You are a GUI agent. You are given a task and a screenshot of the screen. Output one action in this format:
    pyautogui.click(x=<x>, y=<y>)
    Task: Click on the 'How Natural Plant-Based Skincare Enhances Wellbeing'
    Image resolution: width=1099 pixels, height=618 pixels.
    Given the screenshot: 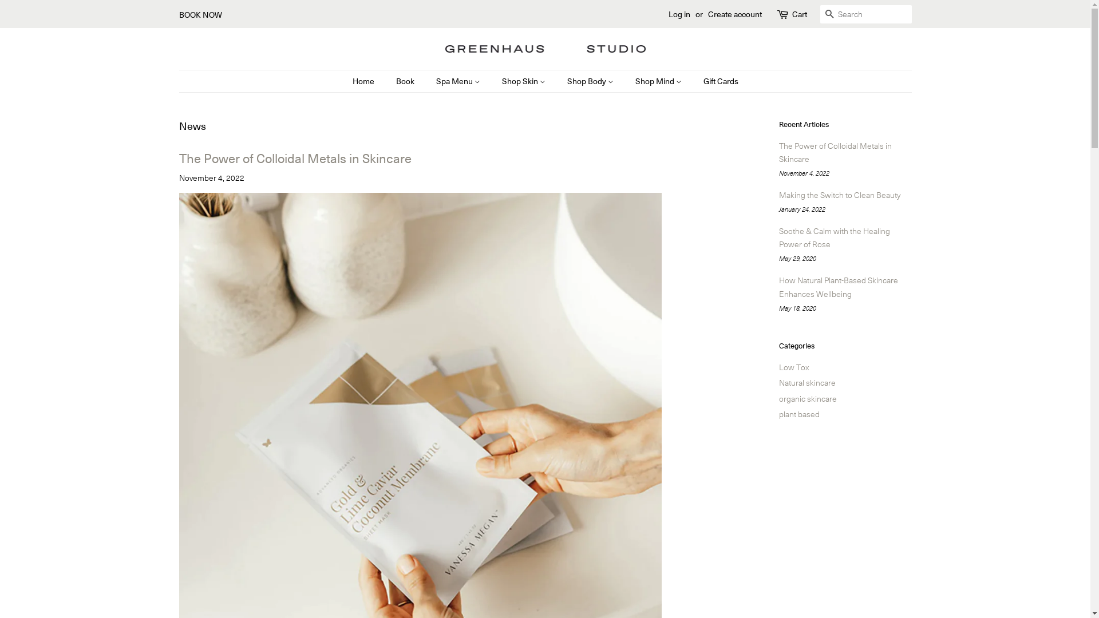 What is the action you would take?
    pyautogui.click(x=838, y=286)
    